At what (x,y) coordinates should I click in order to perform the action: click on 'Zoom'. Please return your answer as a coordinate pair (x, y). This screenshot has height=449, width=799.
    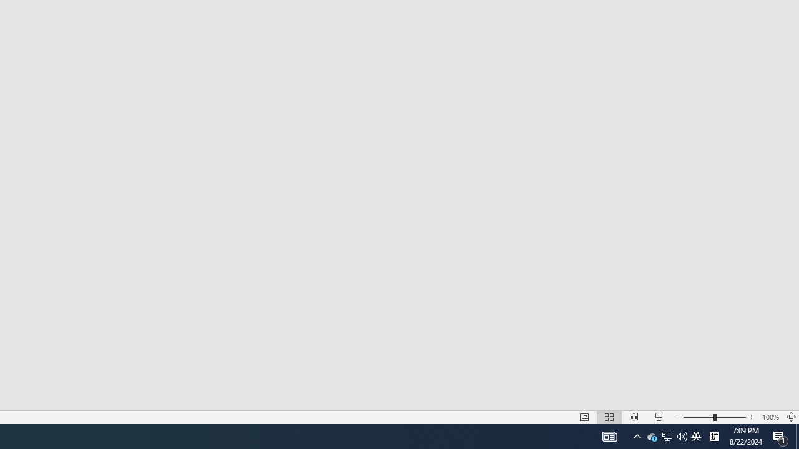
    Looking at the image, I should click on (714, 417).